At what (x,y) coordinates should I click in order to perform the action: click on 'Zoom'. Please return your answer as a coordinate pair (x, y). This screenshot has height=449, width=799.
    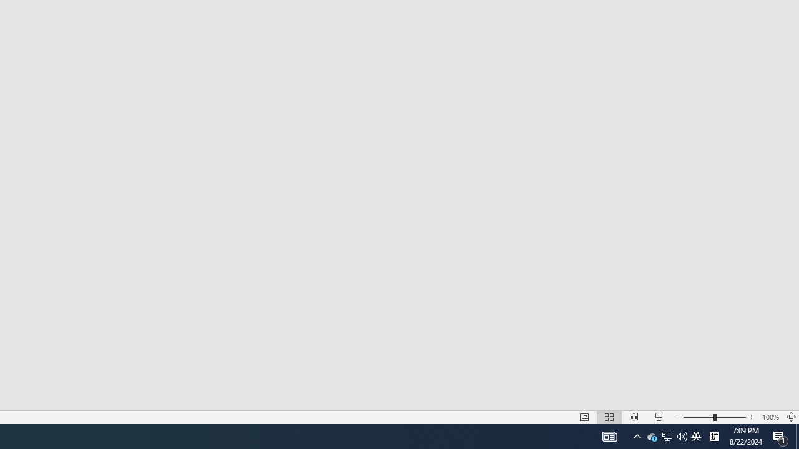
    Looking at the image, I should click on (714, 417).